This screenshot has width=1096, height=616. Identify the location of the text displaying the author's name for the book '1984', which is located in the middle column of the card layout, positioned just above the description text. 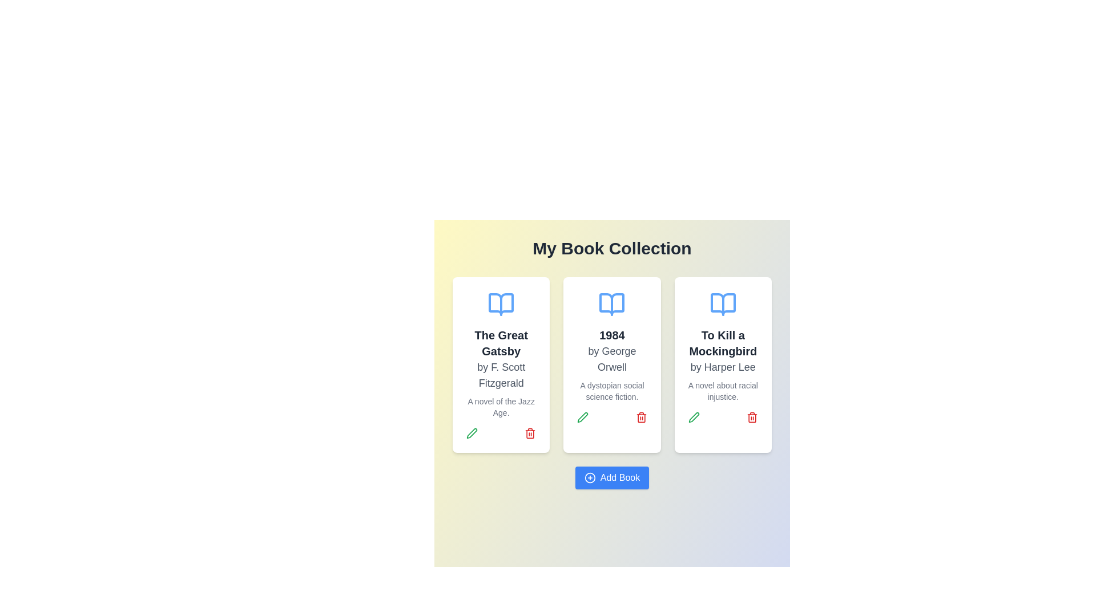
(611, 358).